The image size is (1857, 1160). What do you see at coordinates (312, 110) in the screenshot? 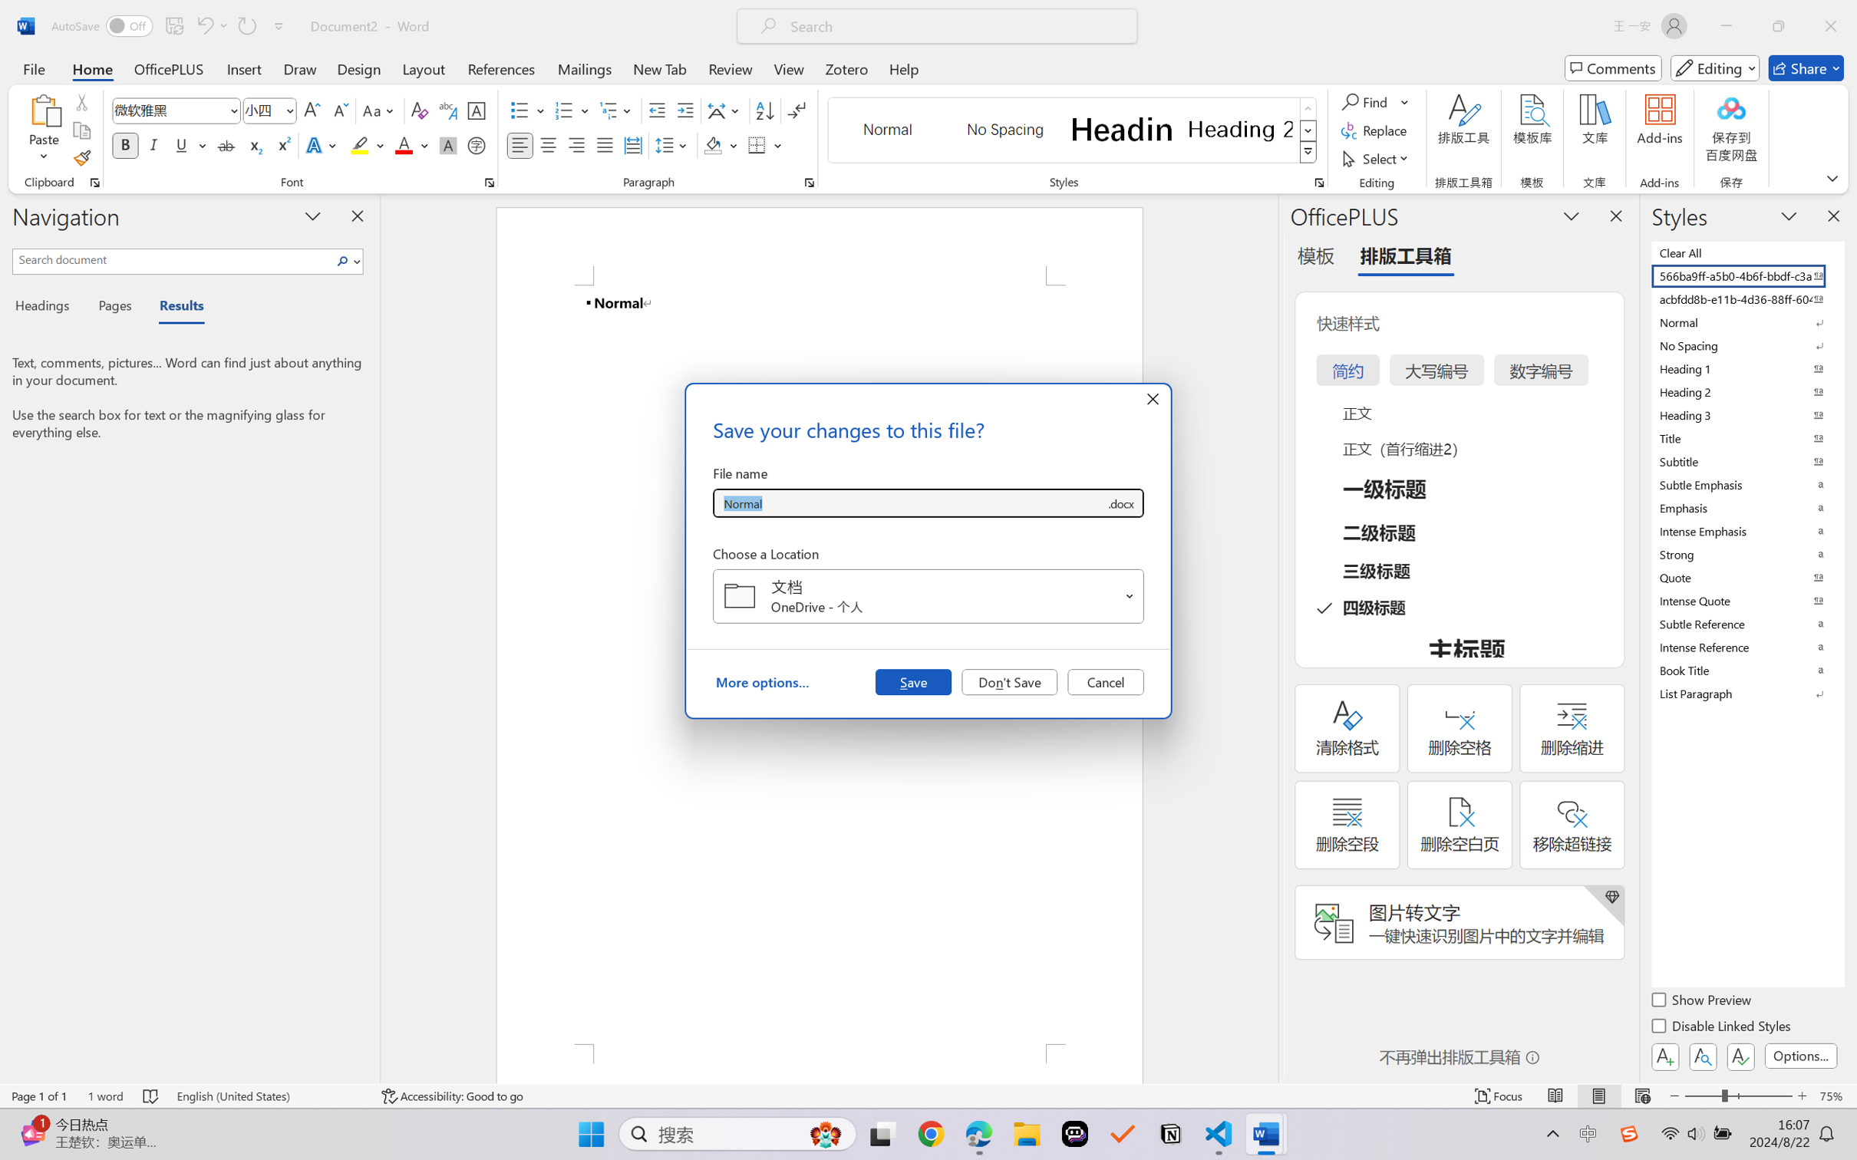
I see `'Grow Font'` at bounding box center [312, 110].